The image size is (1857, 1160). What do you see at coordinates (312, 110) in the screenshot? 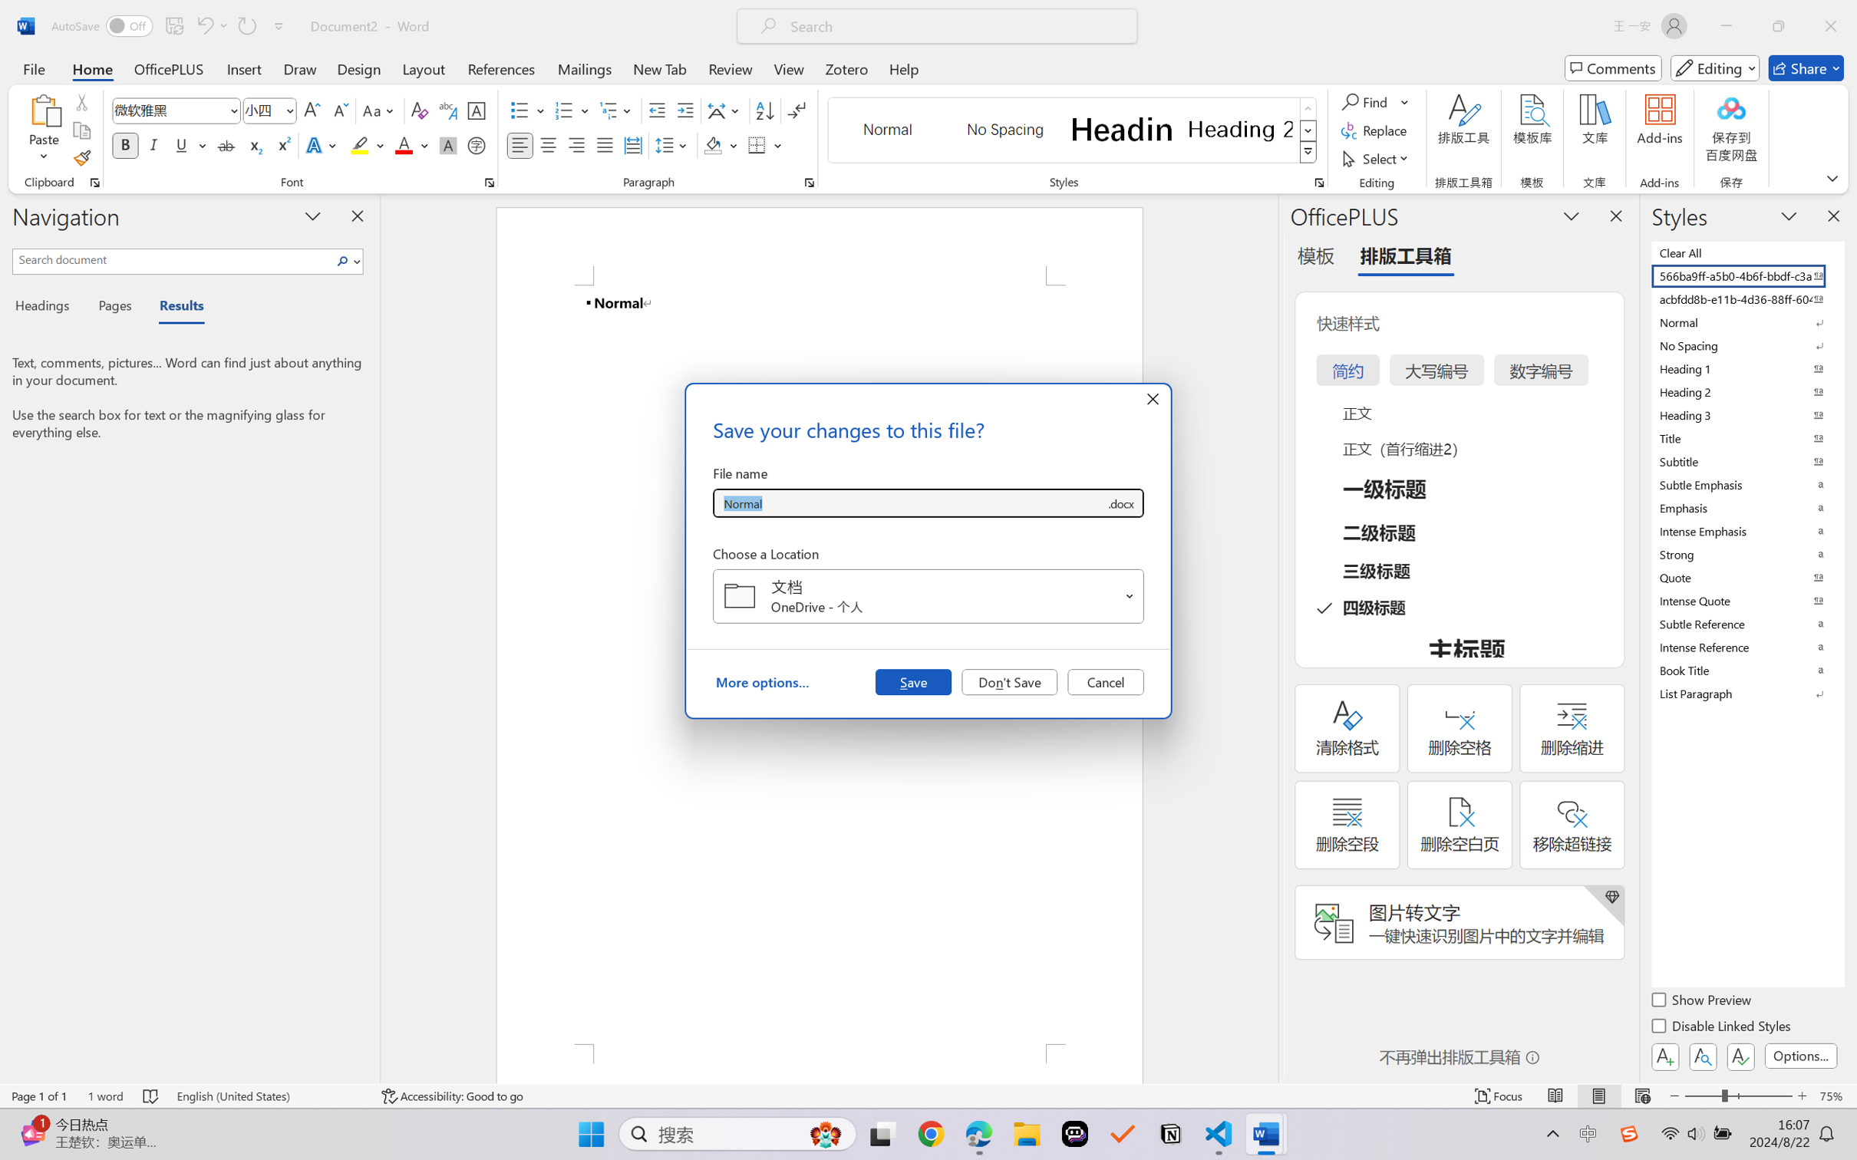
I see `'Grow Font'` at bounding box center [312, 110].